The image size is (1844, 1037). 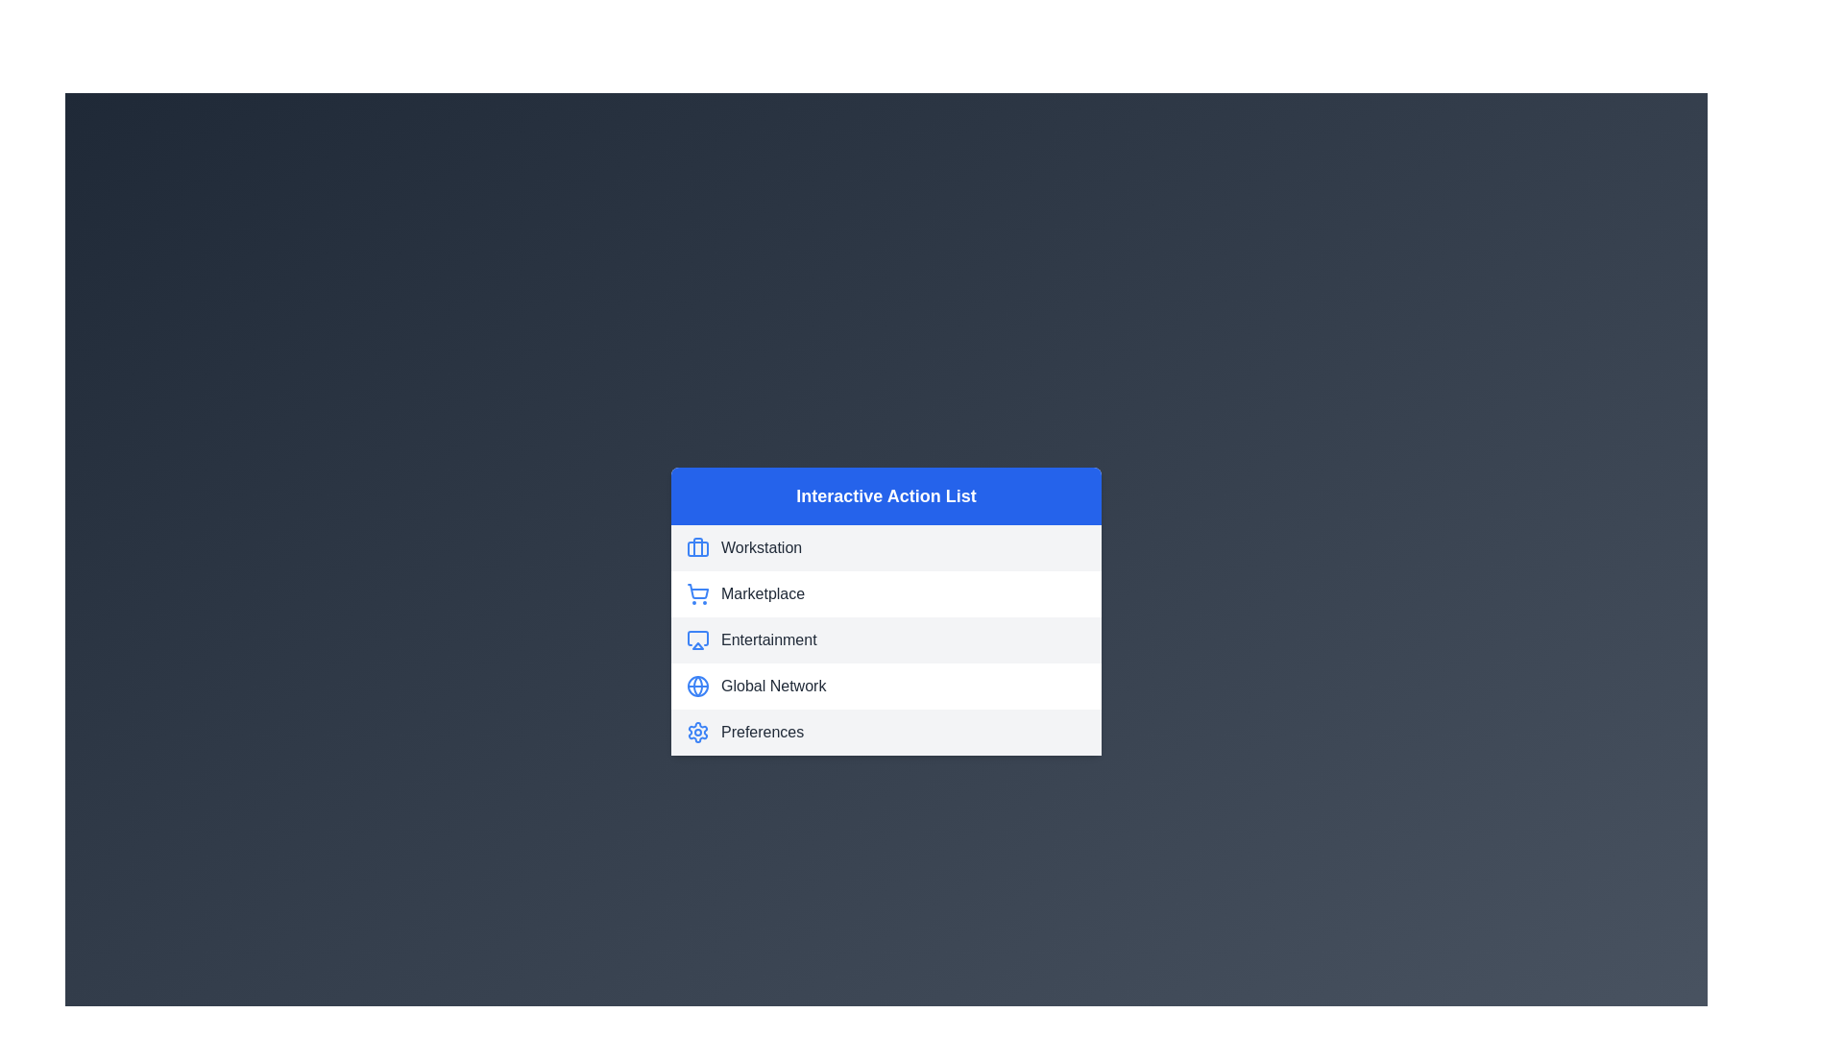 What do you see at coordinates (885, 640) in the screenshot?
I see `to select the 'Entertainment' option from the interactive list, which is the third item below 'Marketplace' and above 'Global Network'` at bounding box center [885, 640].